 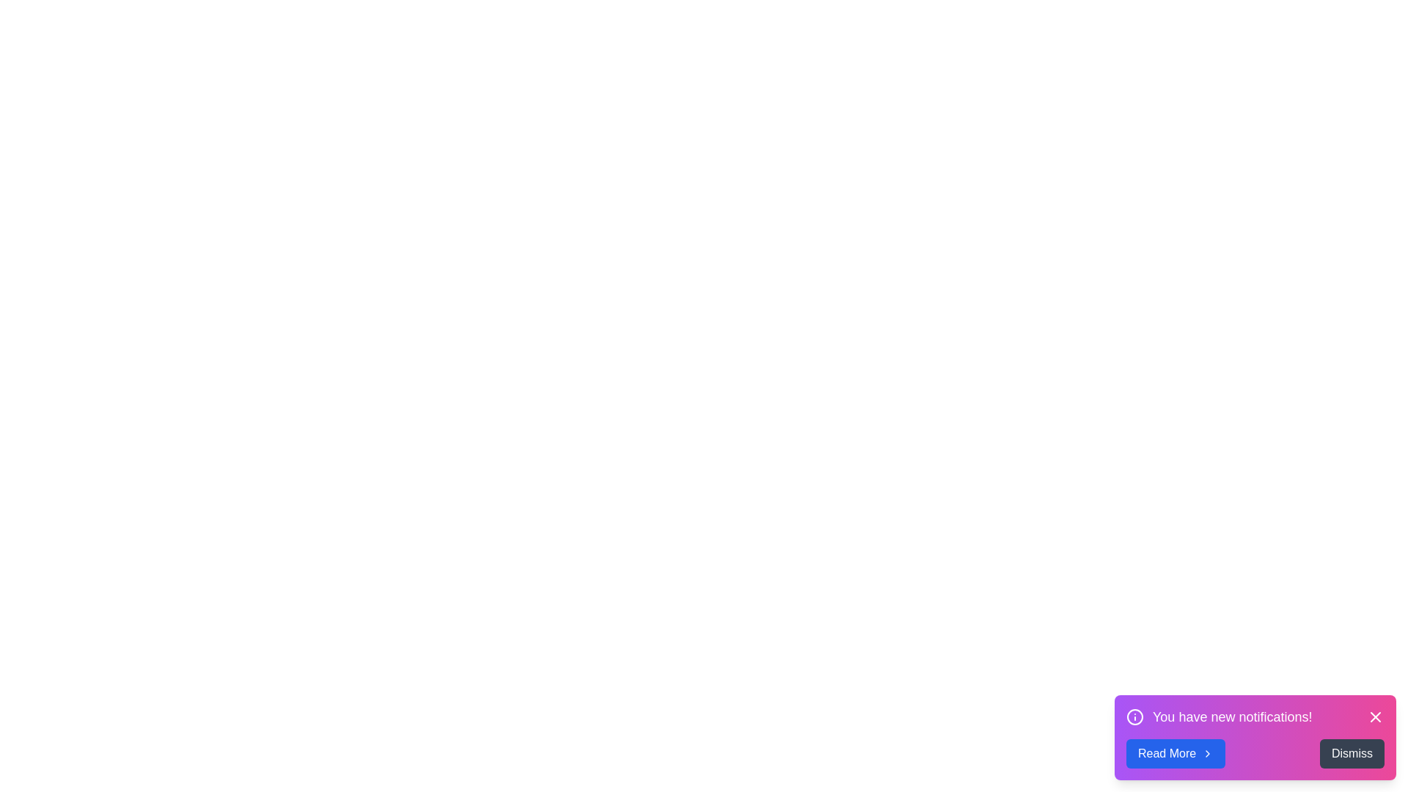 What do you see at coordinates (1208, 754) in the screenshot?
I see `the chevron right arrow icon with a blue background located to the right of the 'Read More' text inside the button` at bounding box center [1208, 754].